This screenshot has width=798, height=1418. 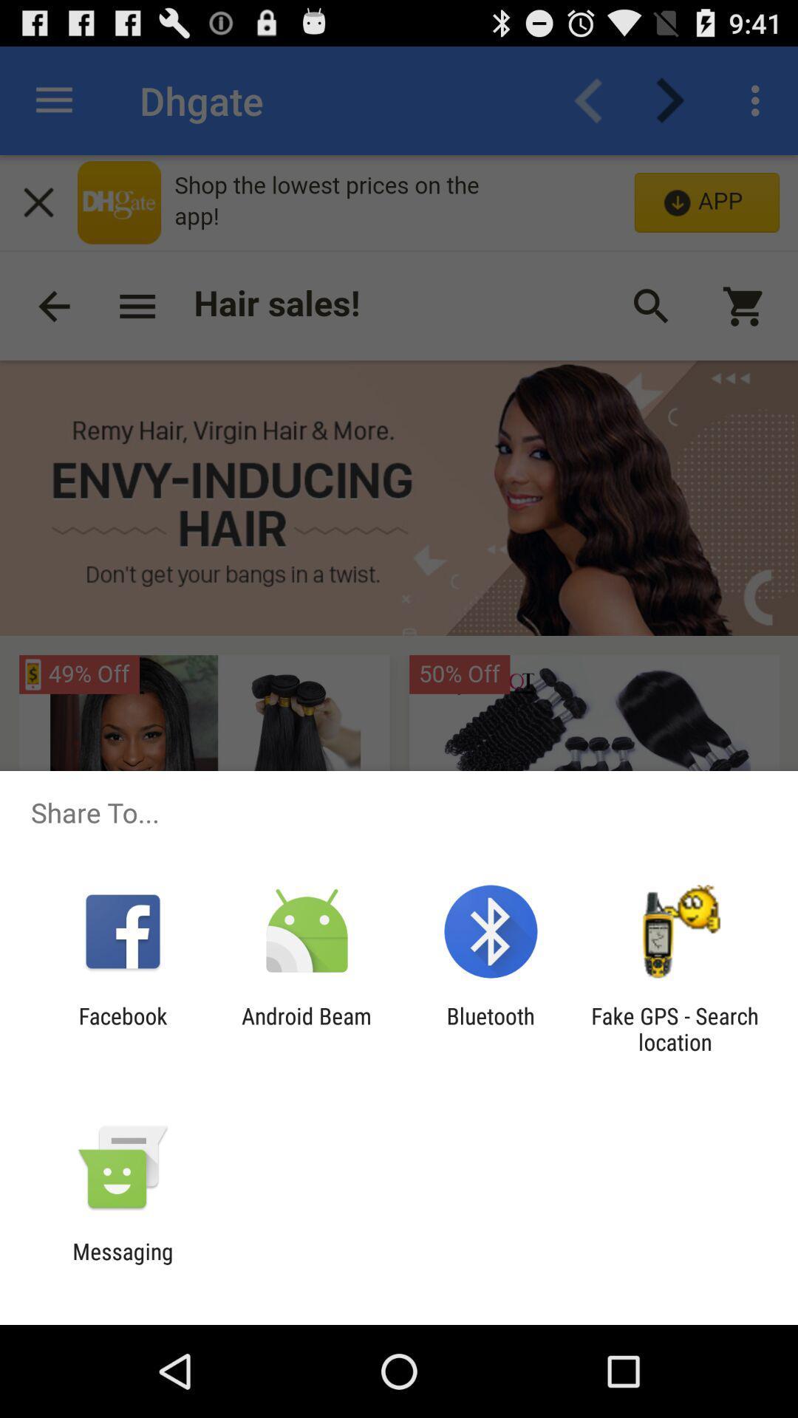 I want to click on app at the bottom right corner, so click(x=675, y=1028).